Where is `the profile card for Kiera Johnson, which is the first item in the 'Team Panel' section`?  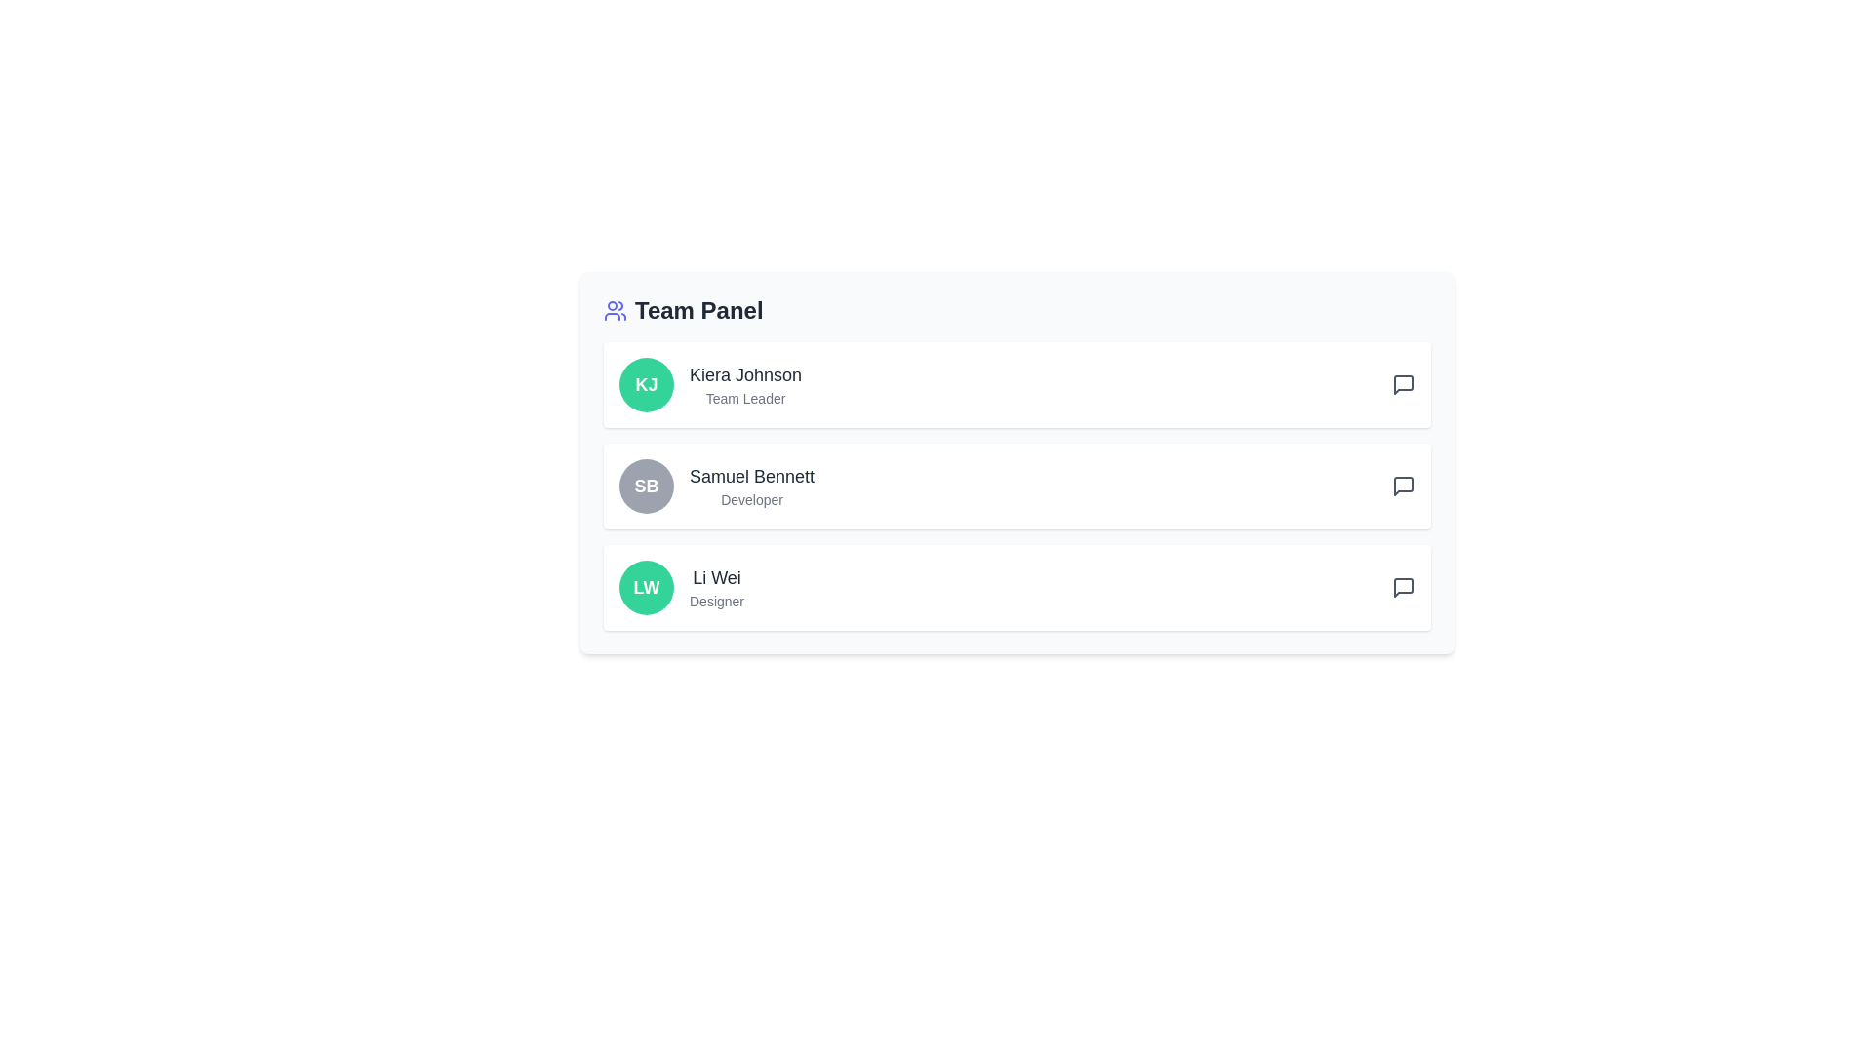 the profile card for Kiera Johnson, which is the first item in the 'Team Panel' section is located at coordinates (1016, 384).